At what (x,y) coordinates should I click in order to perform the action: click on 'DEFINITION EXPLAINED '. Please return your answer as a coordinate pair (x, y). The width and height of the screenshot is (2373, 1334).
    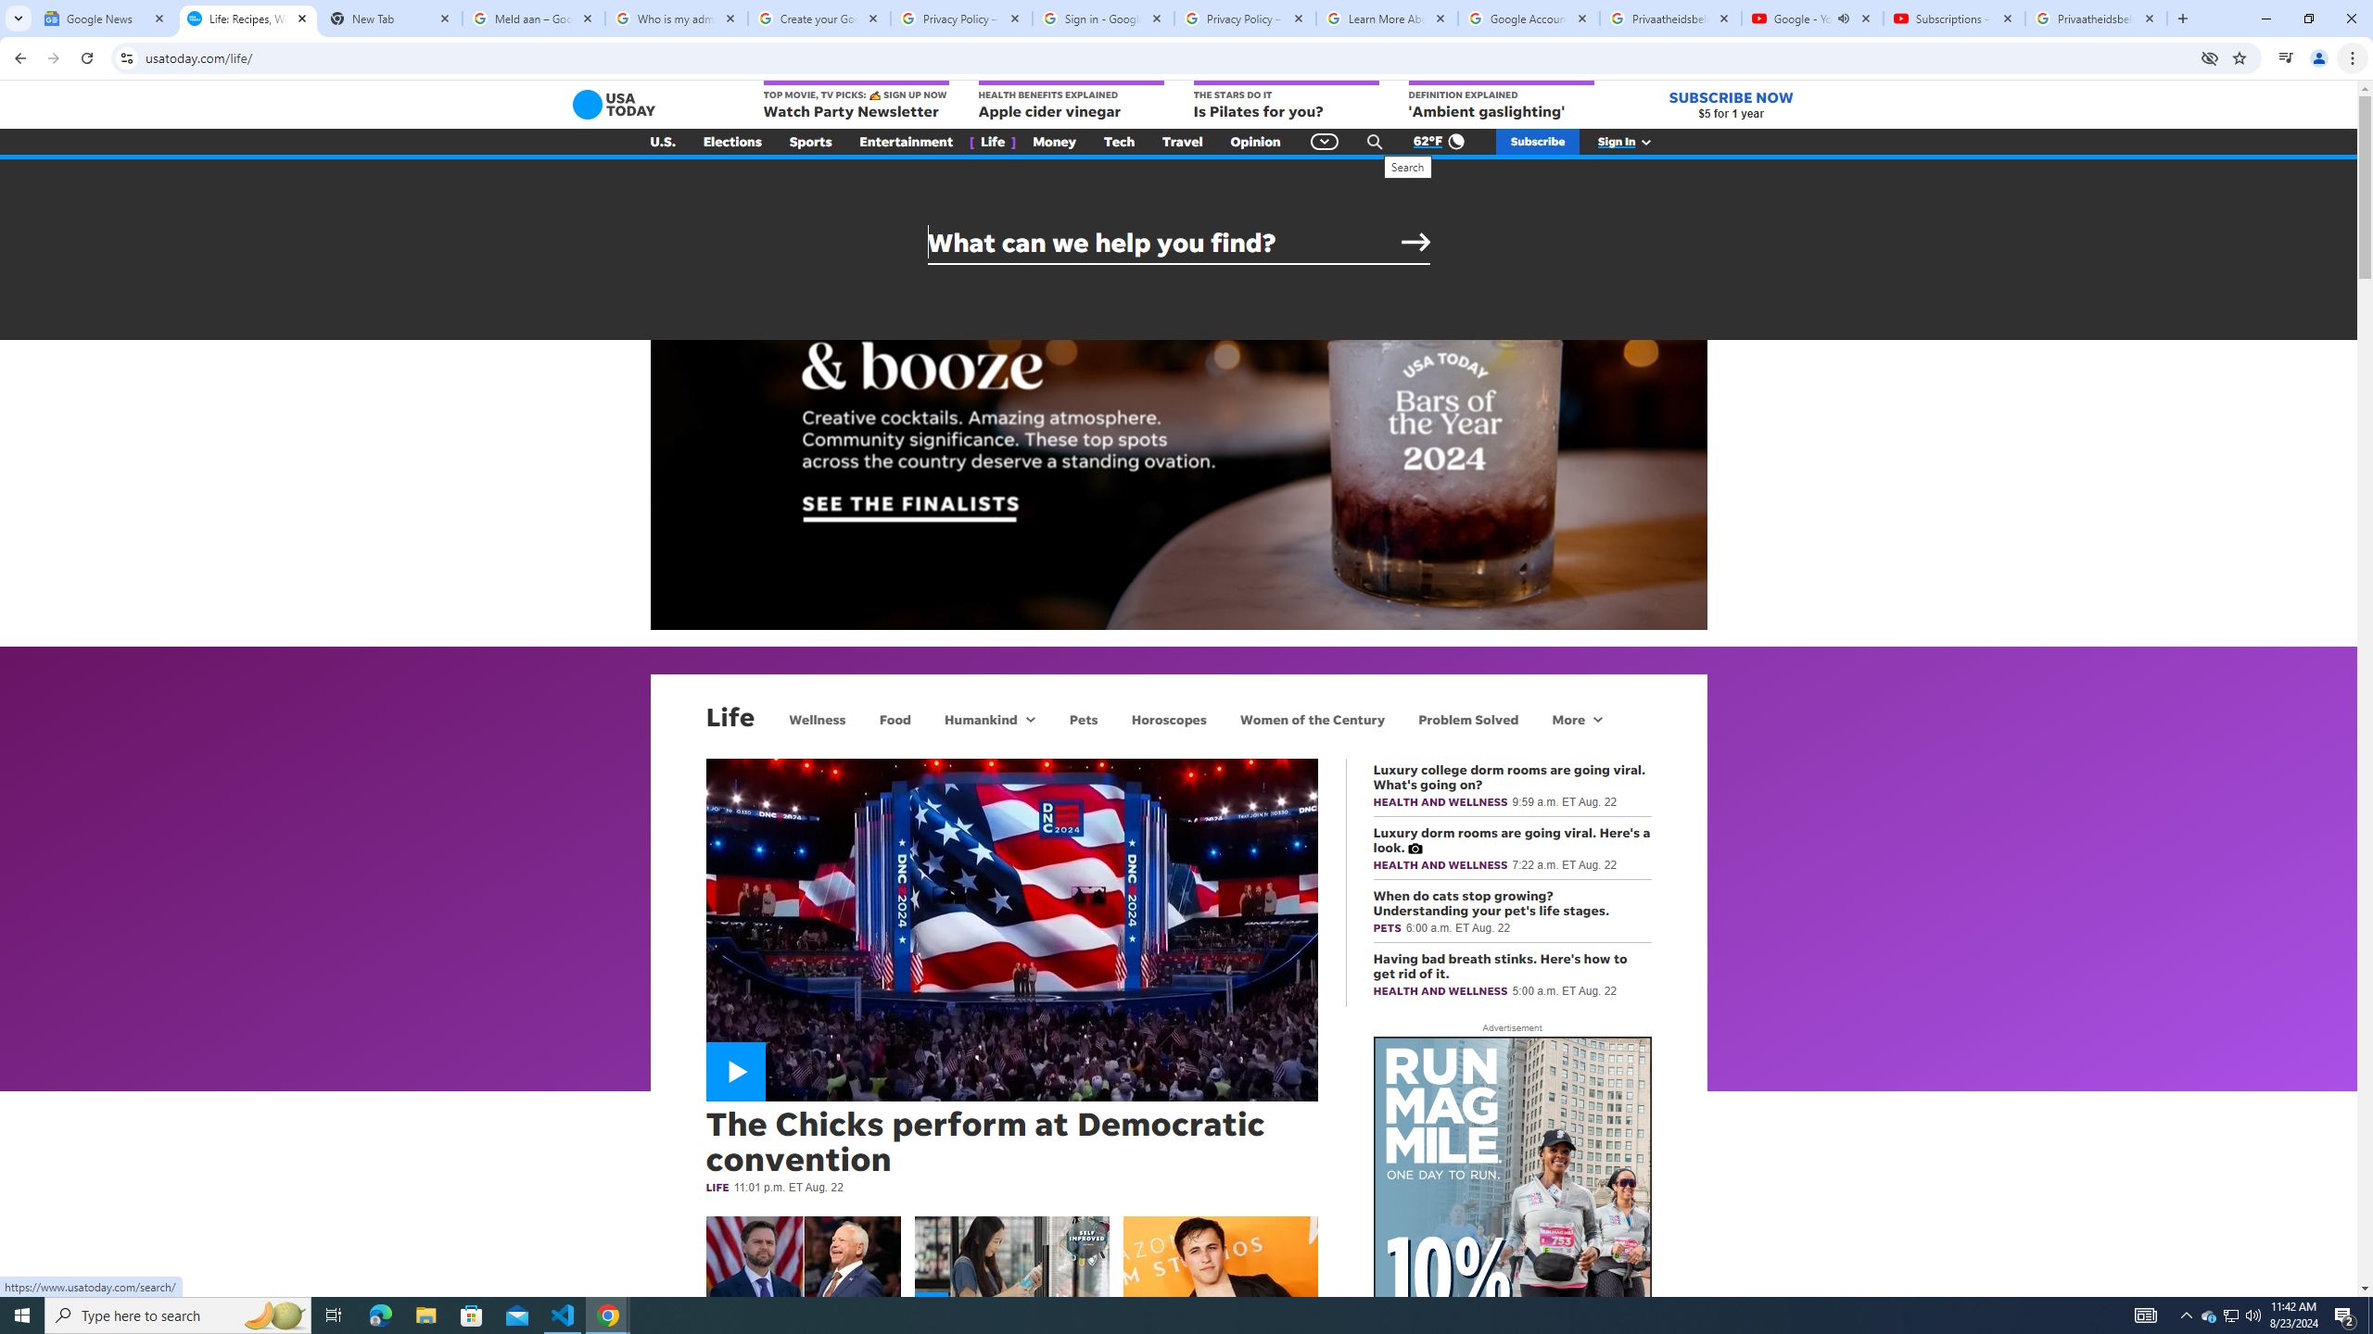
    Looking at the image, I should click on (1500, 100).